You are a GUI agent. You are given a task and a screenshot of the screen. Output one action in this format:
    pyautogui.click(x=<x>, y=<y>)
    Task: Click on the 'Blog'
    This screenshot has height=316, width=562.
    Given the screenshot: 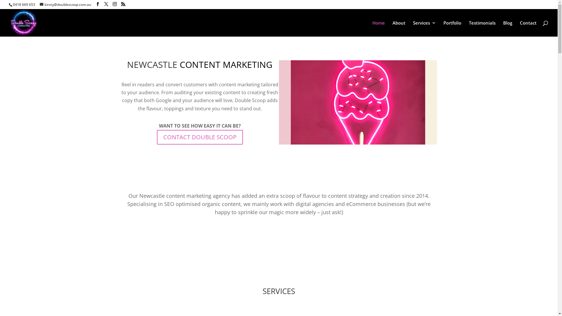 What is the action you would take?
    pyautogui.click(x=503, y=28)
    